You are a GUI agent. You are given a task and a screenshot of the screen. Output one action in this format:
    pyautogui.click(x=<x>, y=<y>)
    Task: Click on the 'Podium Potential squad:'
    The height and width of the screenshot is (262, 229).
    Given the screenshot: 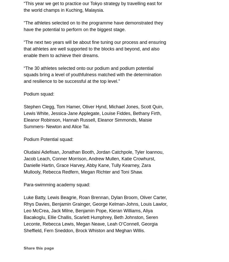 What is the action you would take?
    pyautogui.click(x=48, y=139)
    